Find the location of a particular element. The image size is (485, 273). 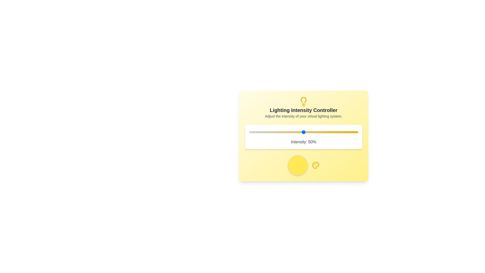

the lighting intensity to 37% by interacting with the slider is located at coordinates (289, 132).